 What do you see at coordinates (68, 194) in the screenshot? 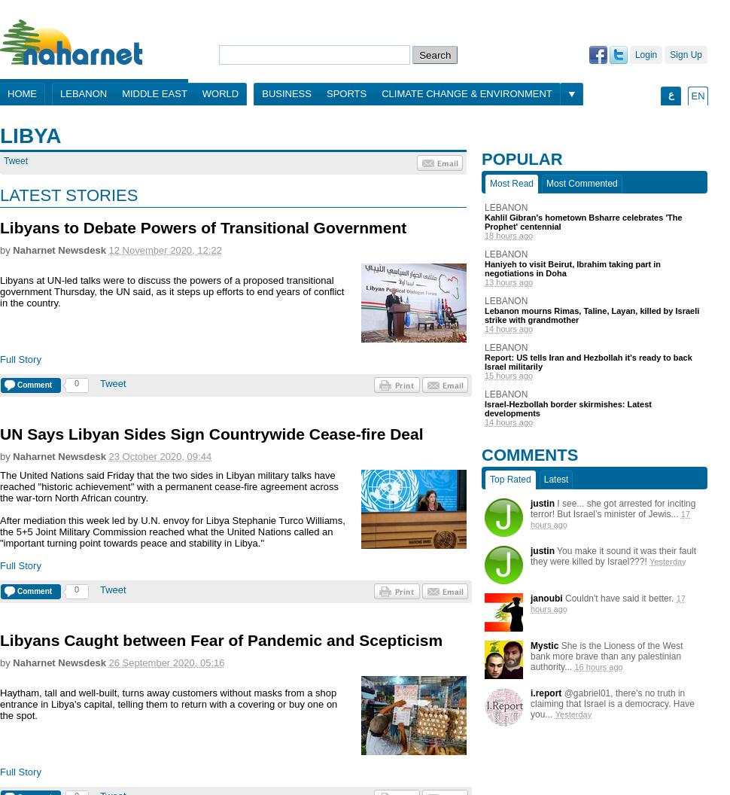
I see `'Latest stories'` at bounding box center [68, 194].